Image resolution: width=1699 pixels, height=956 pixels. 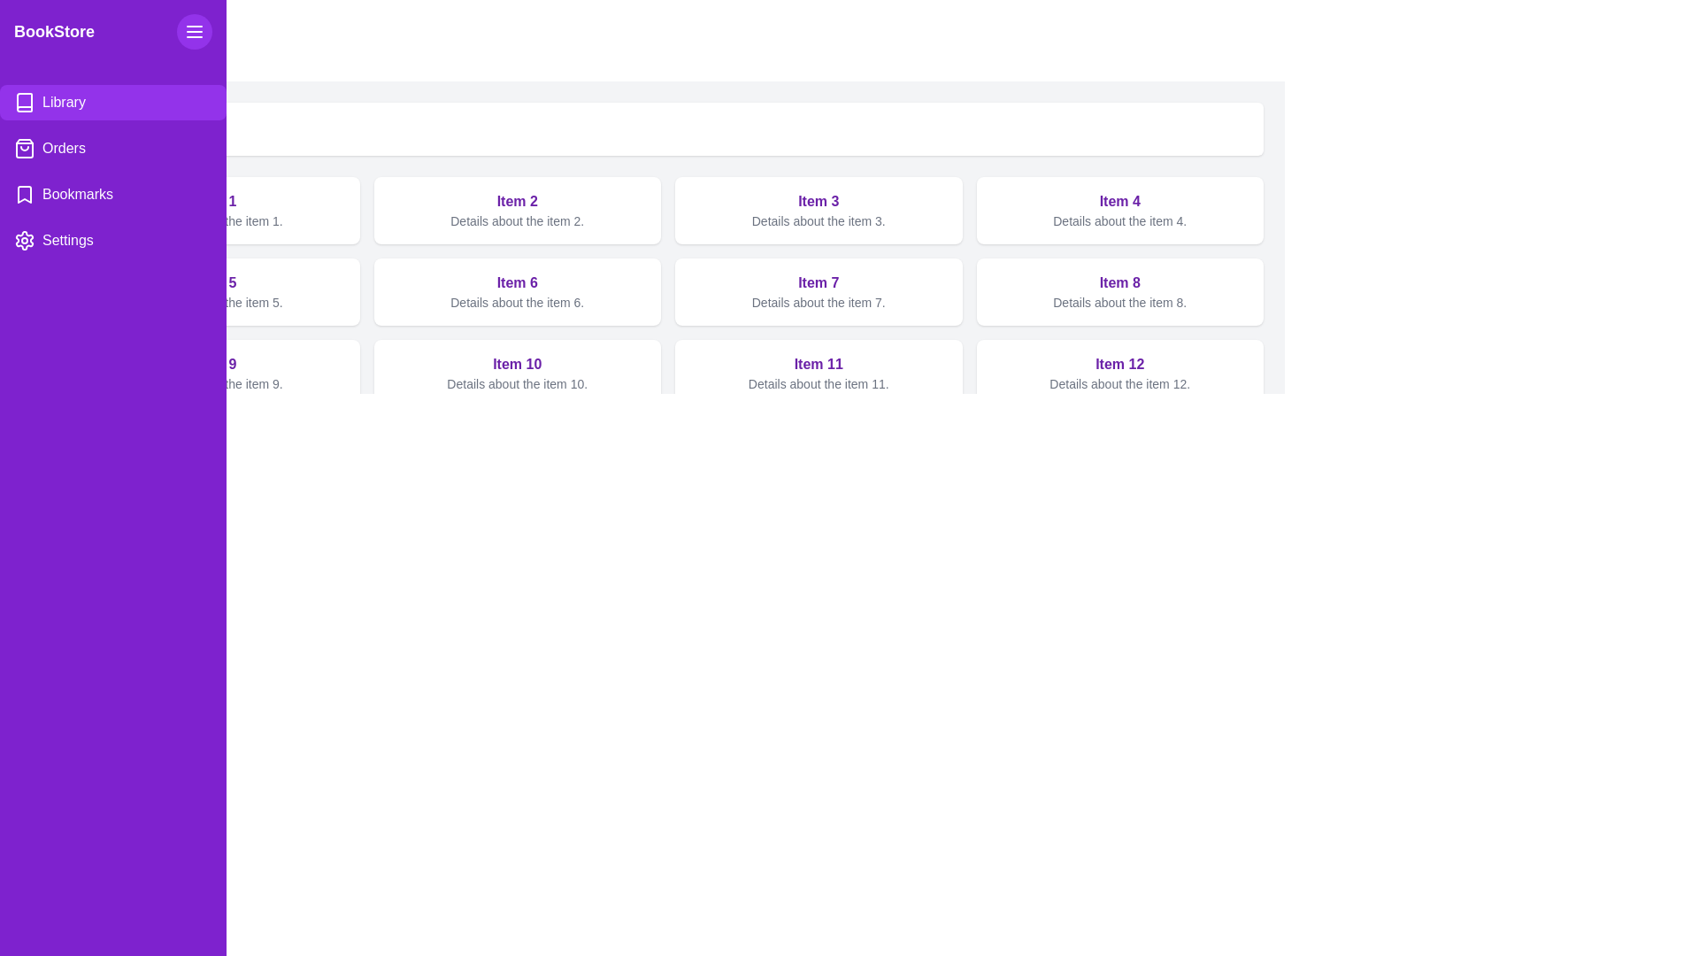 I want to click on the shopping bag icon in the sidebar menu, which is the second item from the top and is colored purple, so click(x=25, y=148).